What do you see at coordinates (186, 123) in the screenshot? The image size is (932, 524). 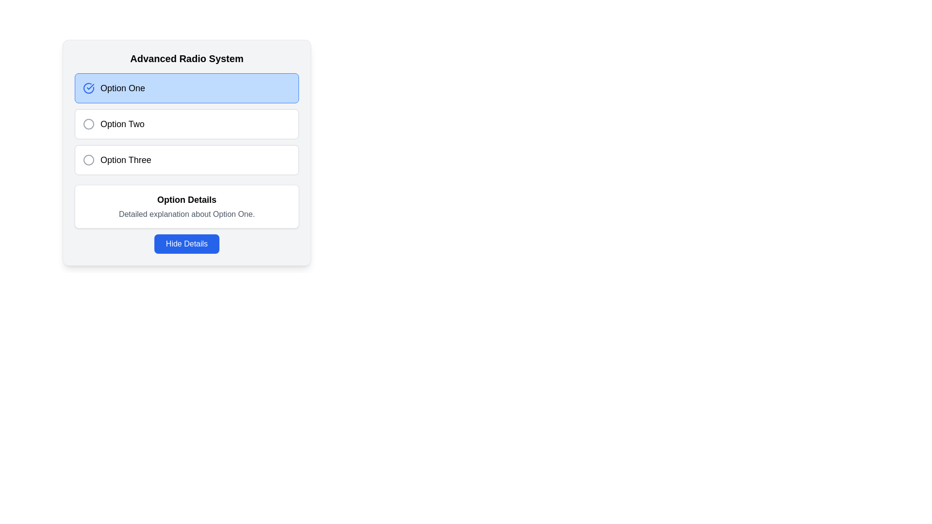 I see `the radio button options in the Radiogroup titled 'Advanced Radio System'` at bounding box center [186, 123].